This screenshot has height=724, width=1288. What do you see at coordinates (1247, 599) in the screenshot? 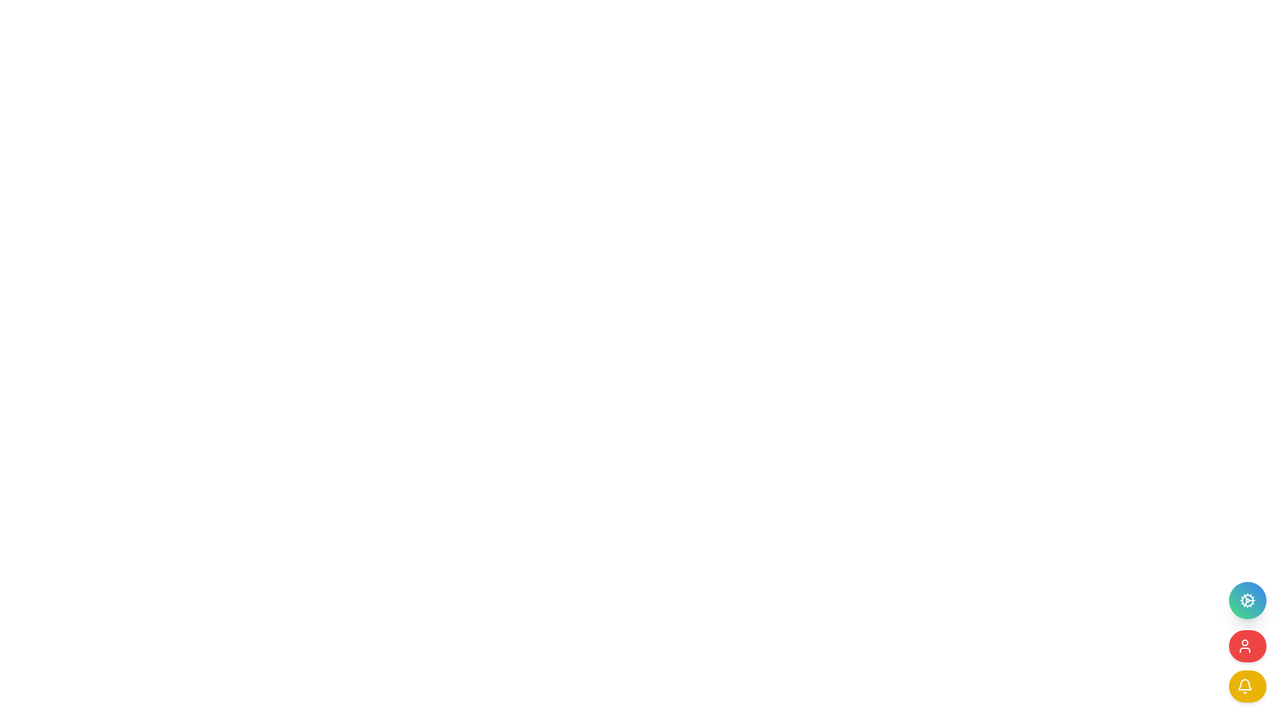
I see `the settings button located in the bottom-right corner of the interface` at bounding box center [1247, 599].